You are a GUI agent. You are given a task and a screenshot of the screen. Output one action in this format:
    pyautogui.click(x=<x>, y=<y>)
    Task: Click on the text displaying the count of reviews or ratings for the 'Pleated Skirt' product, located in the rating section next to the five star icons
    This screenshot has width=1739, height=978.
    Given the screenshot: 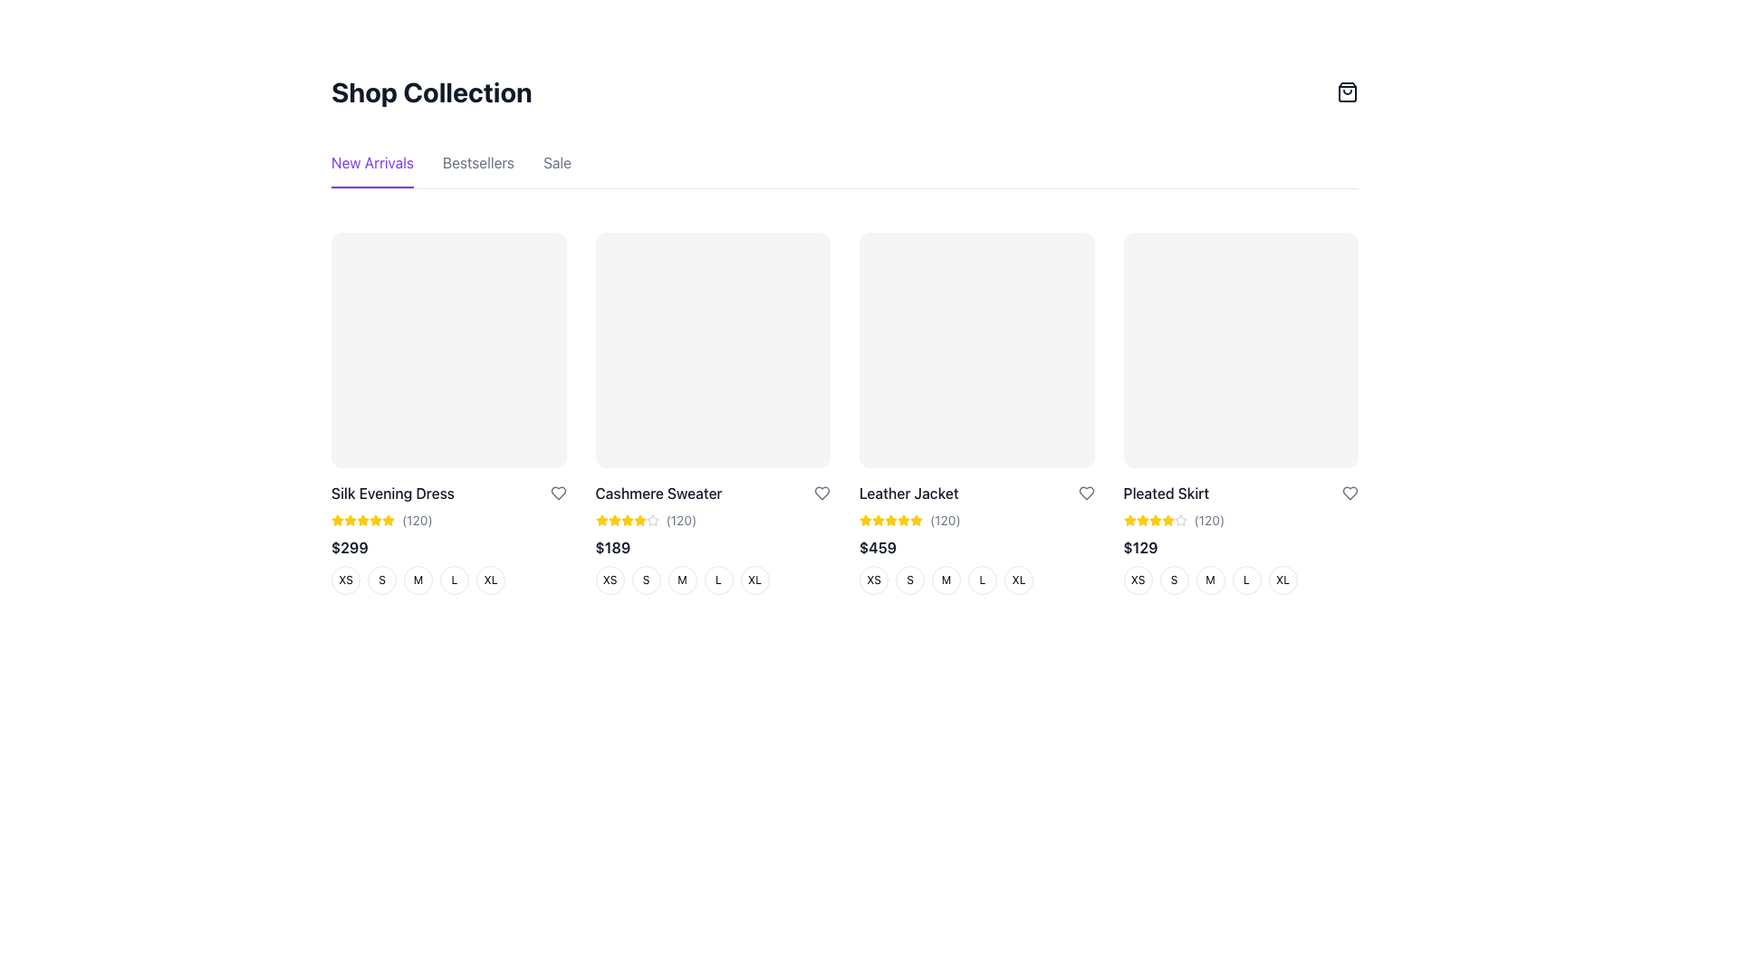 What is the action you would take?
    pyautogui.click(x=1209, y=520)
    